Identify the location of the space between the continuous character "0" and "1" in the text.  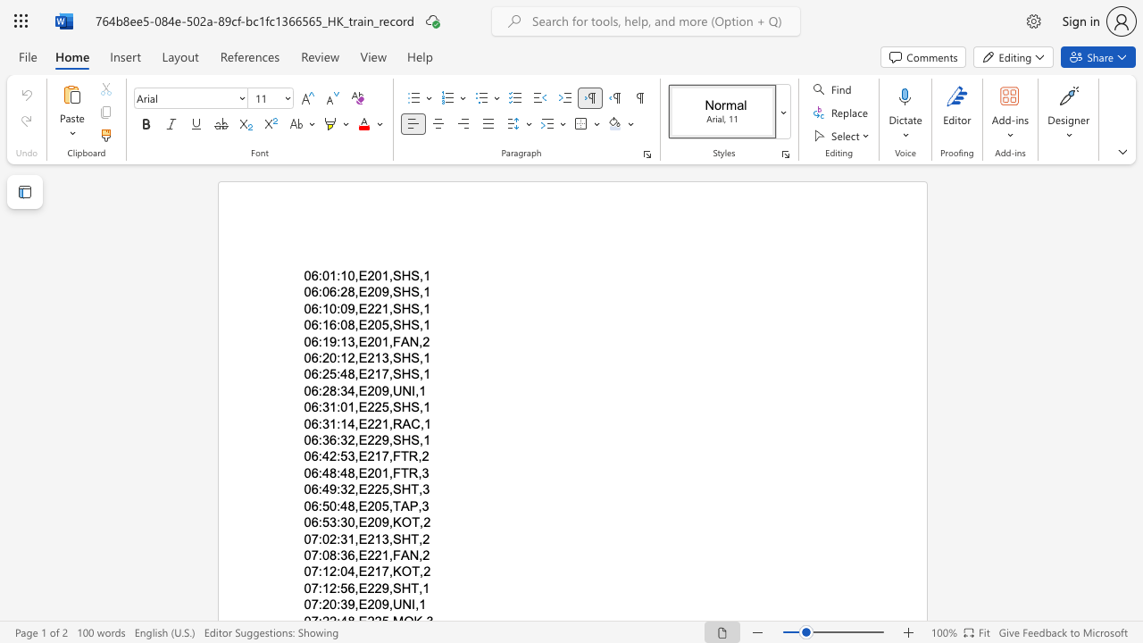
(380, 341).